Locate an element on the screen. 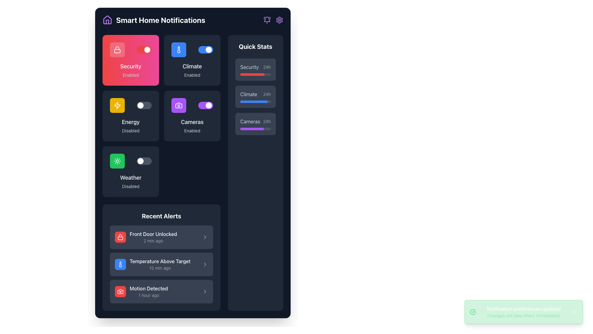 This screenshot has width=593, height=334. the text display element that indicates the title of the current smart home notifications interface, located in the top-left corner of the header bar is located at coordinates (192, 20).